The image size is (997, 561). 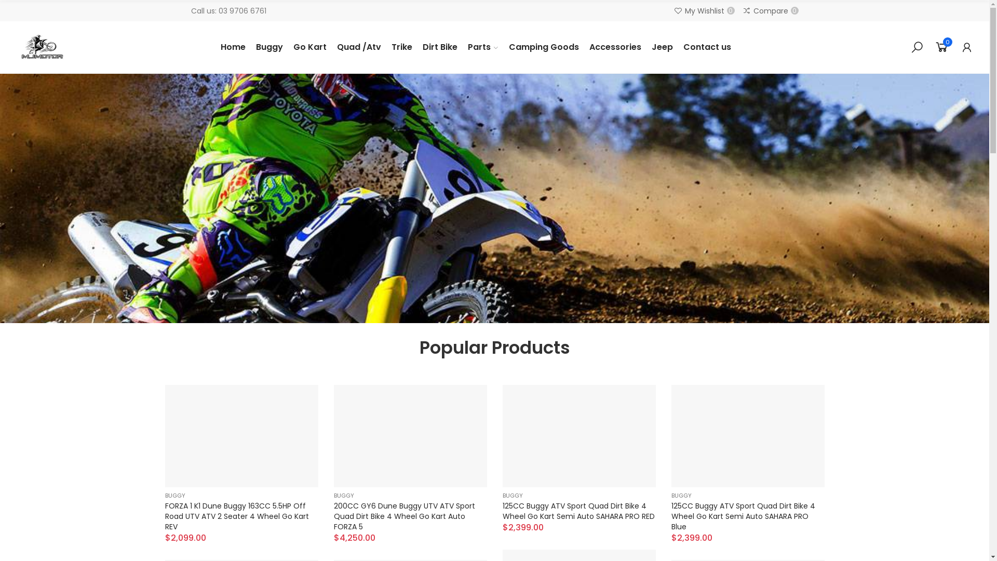 What do you see at coordinates (543, 47) in the screenshot?
I see `'Camping Goods'` at bounding box center [543, 47].